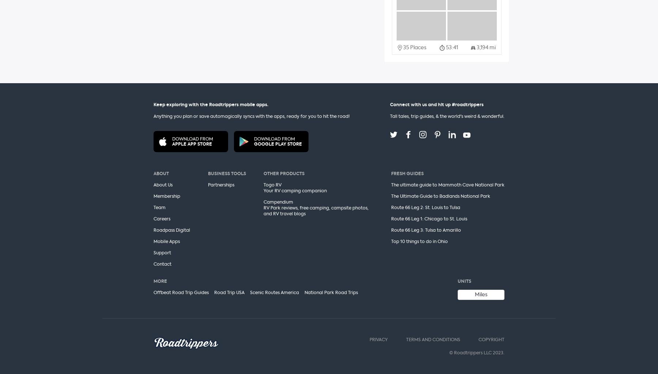 This screenshot has height=374, width=658. What do you see at coordinates (425, 230) in the screenshot?
I see `'Route 66 Leg 3: Tulsa to Amarillo'` at bounding box center [425, 230].